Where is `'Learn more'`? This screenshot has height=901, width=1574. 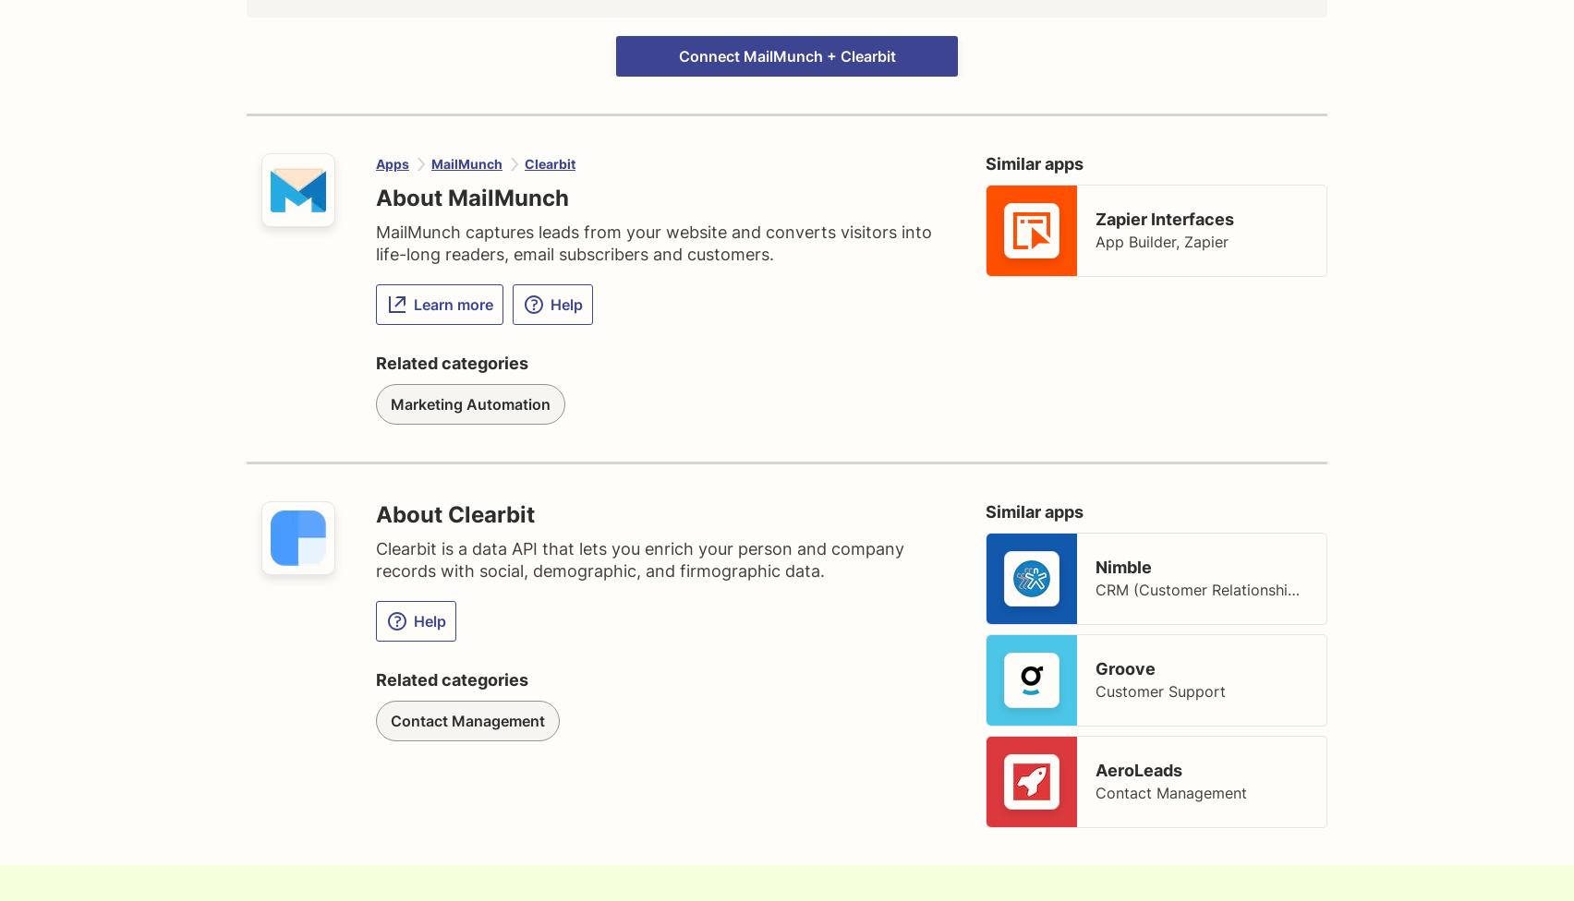 'Learn more' is located at coordinates (453, 304).